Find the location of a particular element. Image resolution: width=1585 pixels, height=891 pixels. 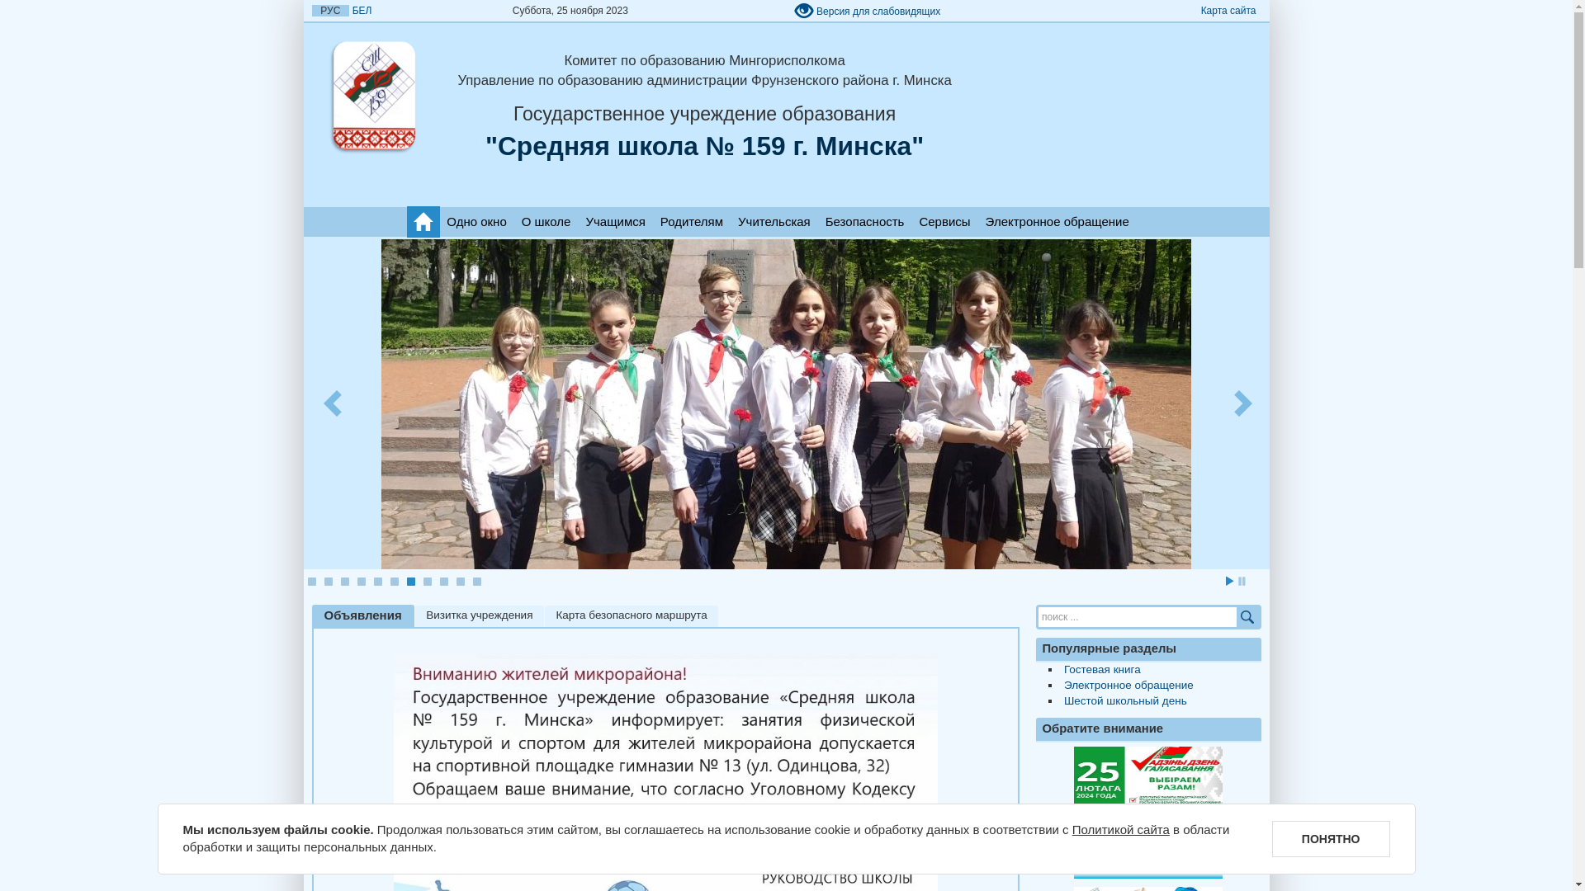

'7' is located at coordinates (405, 581).